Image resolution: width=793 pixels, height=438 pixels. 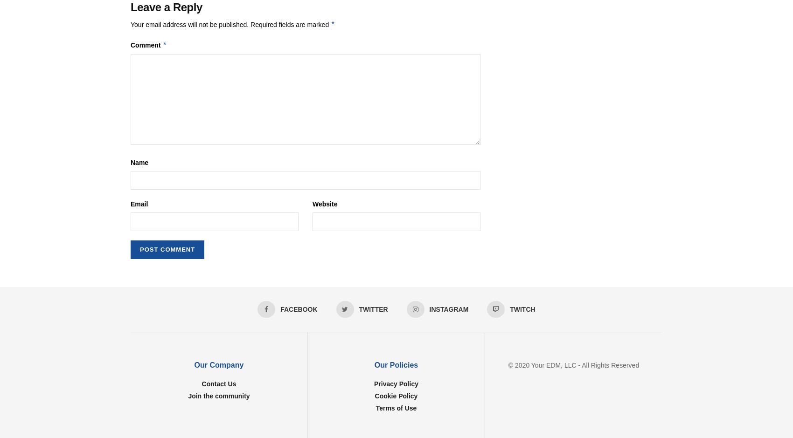 I want to click on 'Leave a Reply', so click(x=166, y=7).